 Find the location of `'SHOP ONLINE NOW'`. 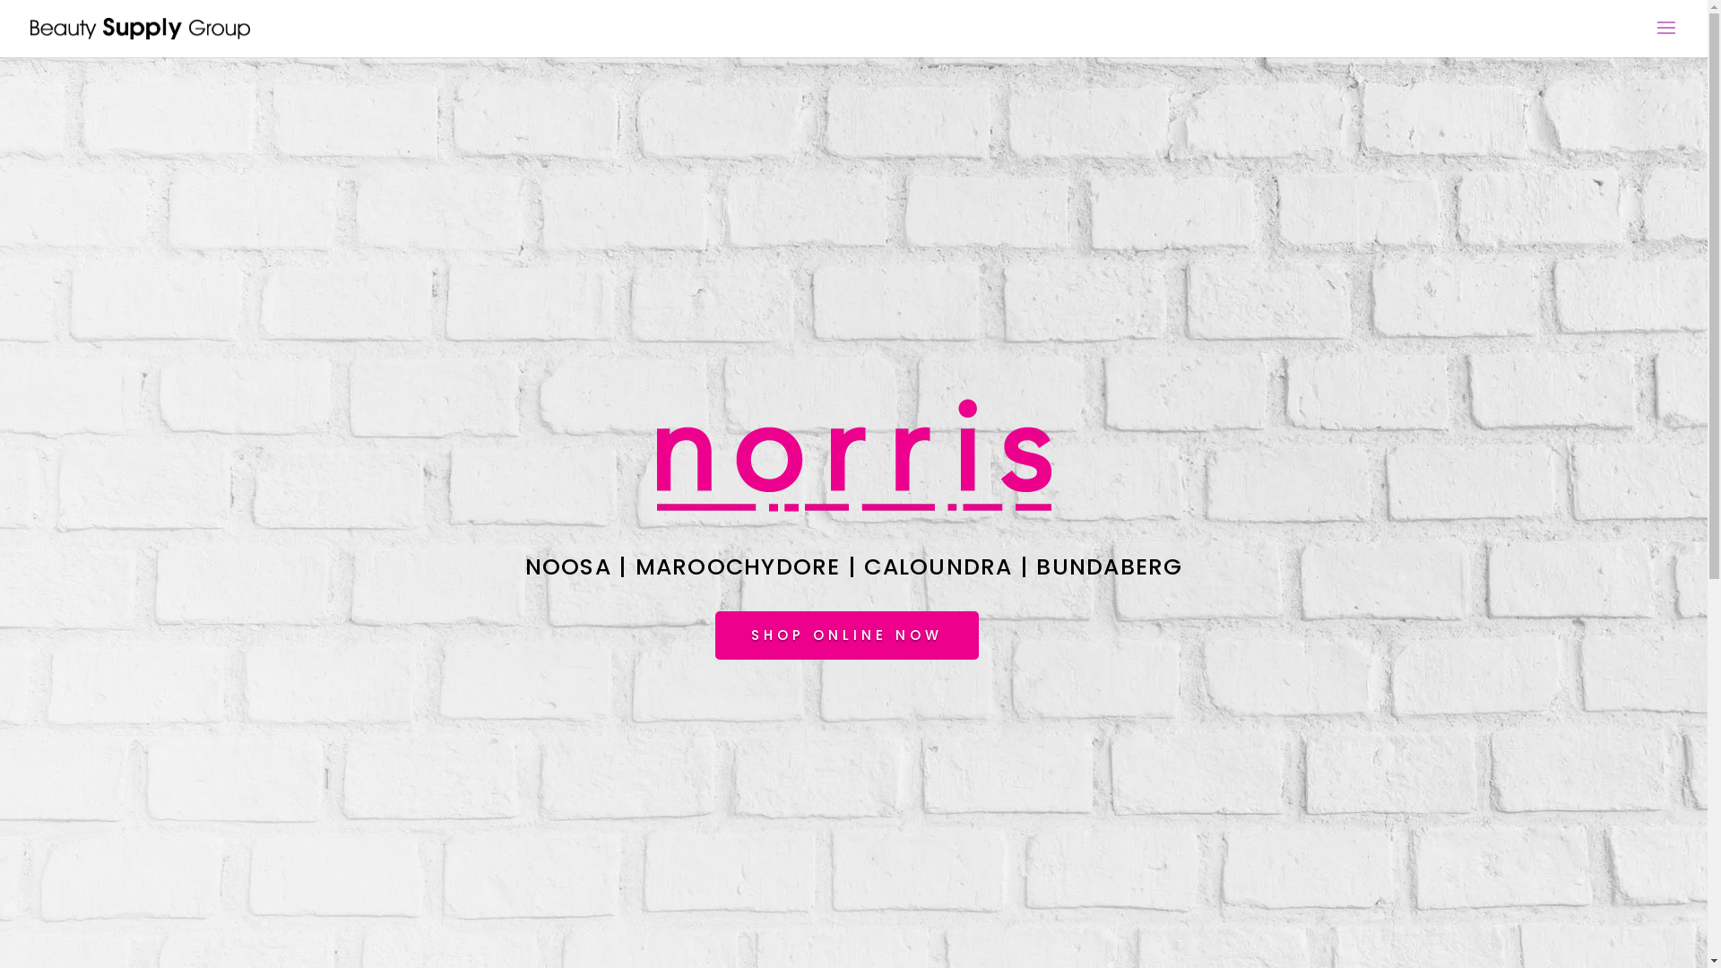

'SHOP ONLINE NOW' is located at coordinates (846, 635).